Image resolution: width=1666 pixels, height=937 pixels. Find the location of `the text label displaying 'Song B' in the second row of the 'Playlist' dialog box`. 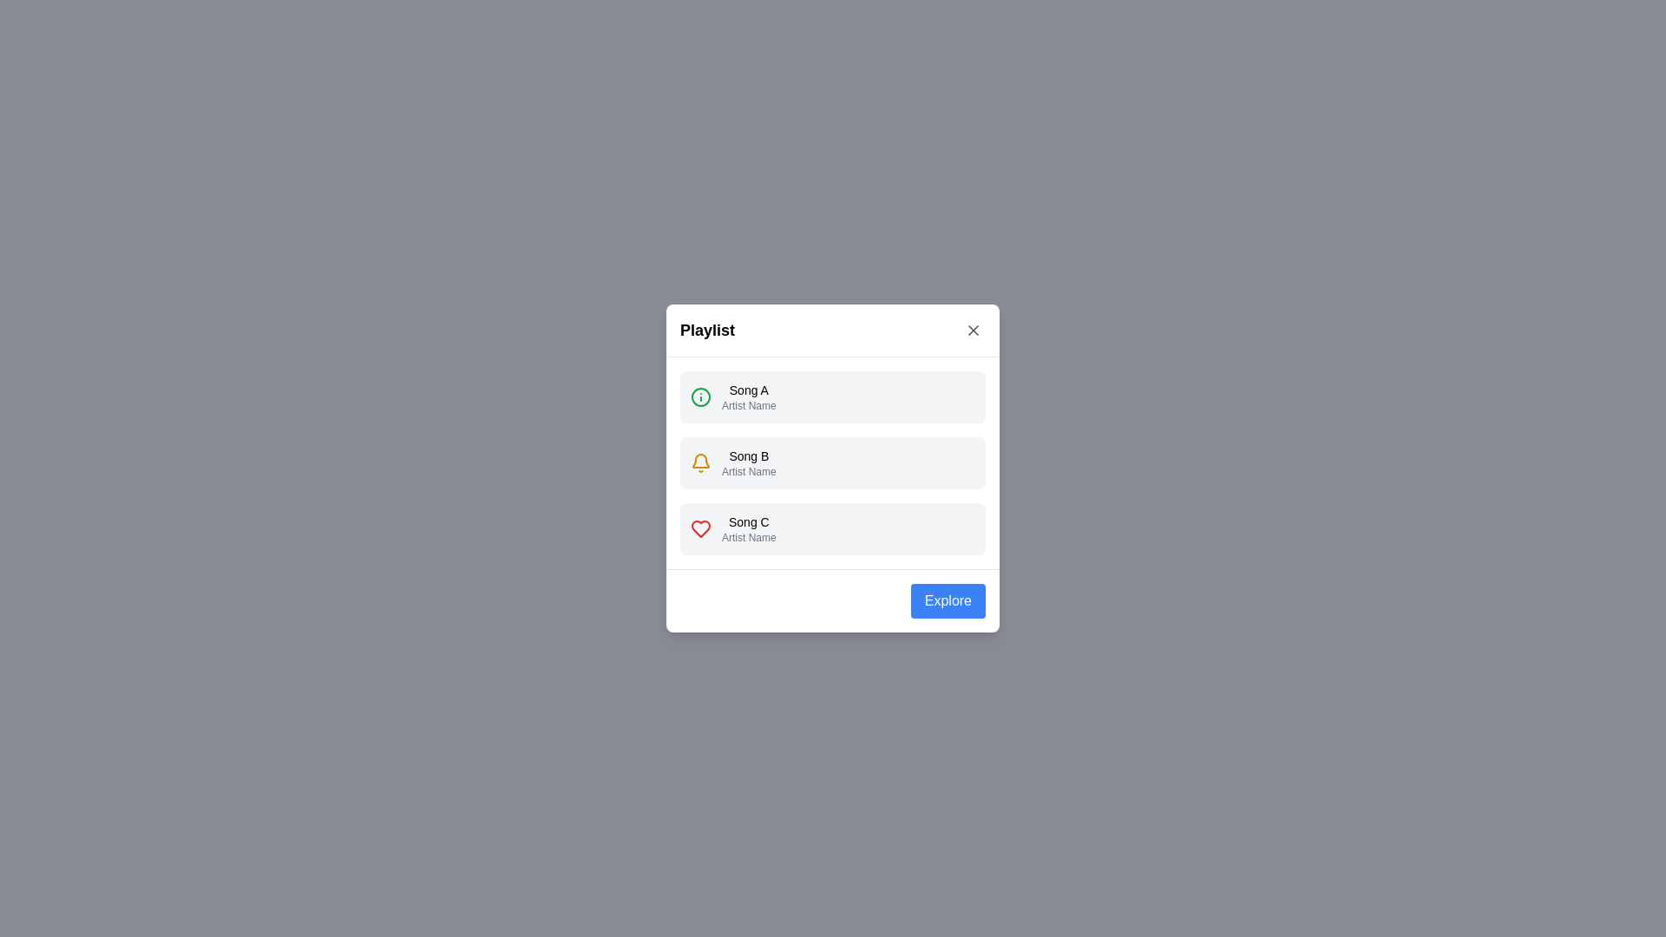

the text label displaying 'Song B' in the second row of the 'Playlist' dialog box is located at coordinates (749, 455).